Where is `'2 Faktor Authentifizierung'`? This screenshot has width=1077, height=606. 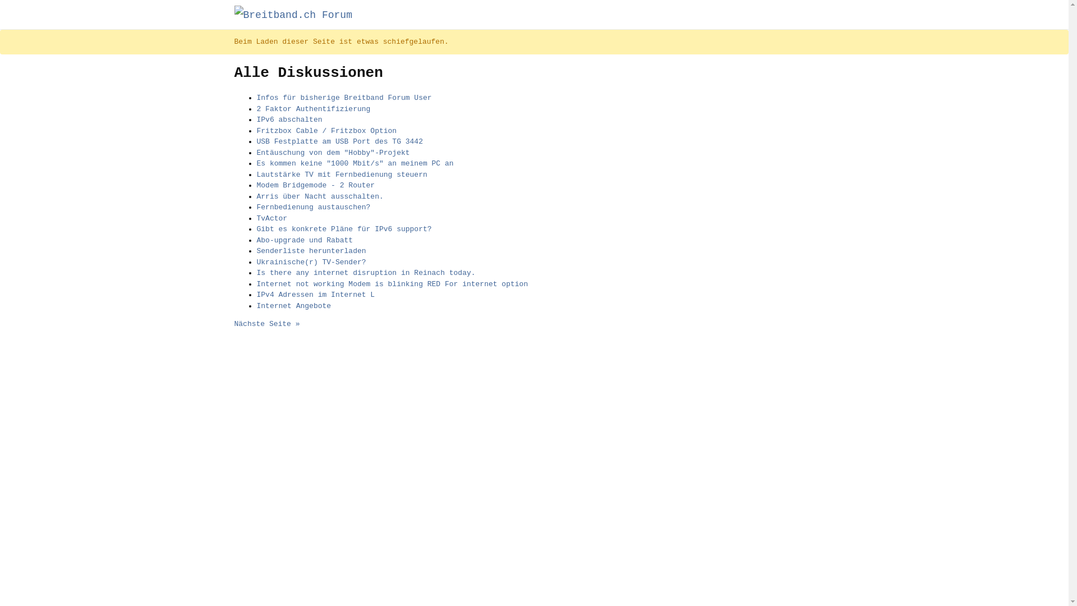 '2 Faktor Authentifizierung' is located at coordinates (256, 109).